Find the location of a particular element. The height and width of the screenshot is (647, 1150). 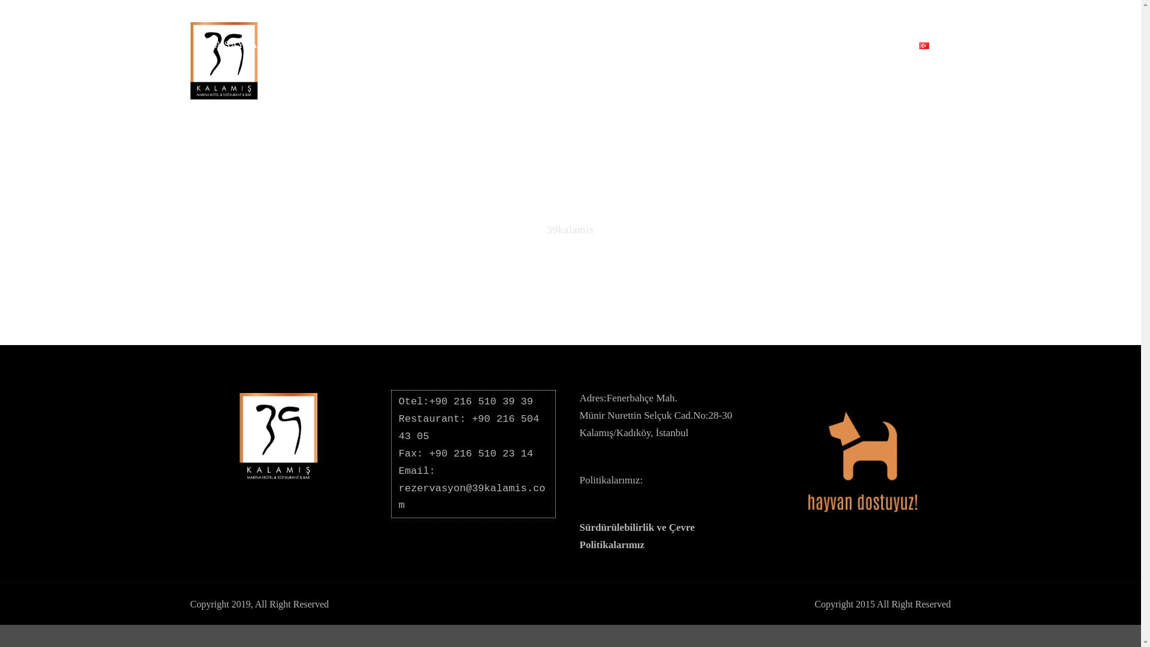

'39 DENEYIM' is located at coordinates (794, 52).